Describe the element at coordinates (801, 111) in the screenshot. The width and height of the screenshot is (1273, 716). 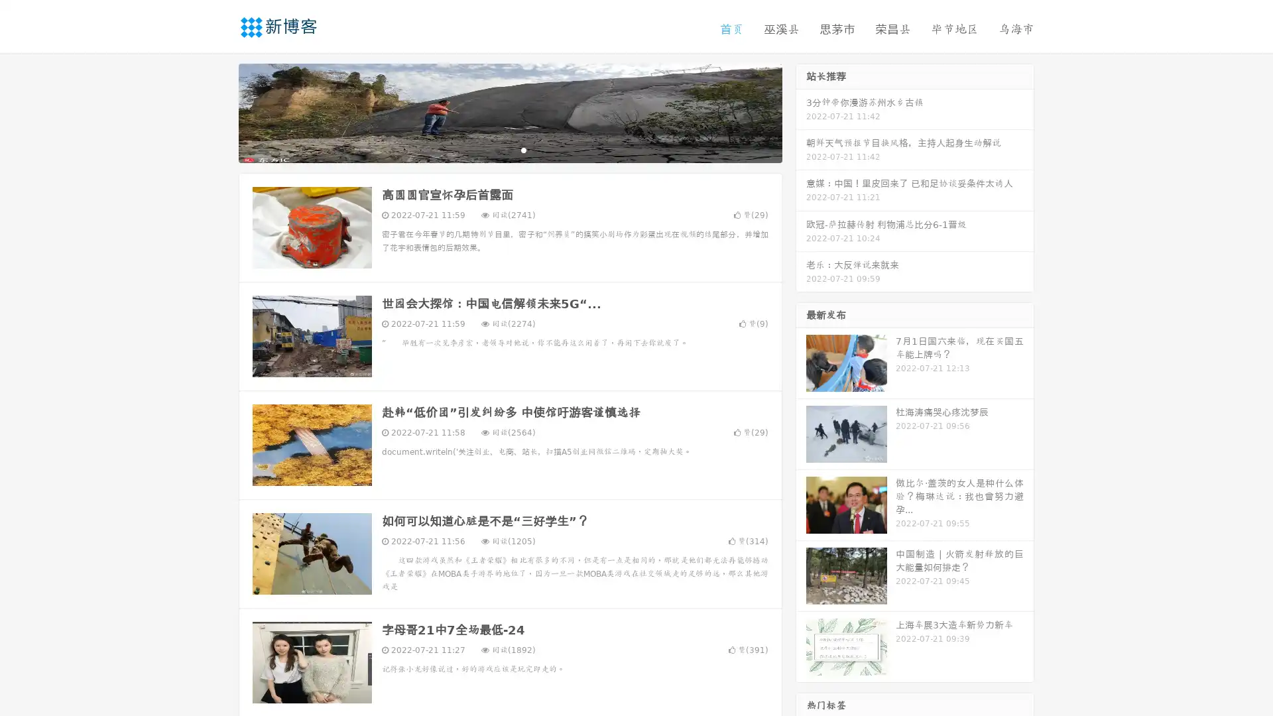
I see `Next slide` at that location.